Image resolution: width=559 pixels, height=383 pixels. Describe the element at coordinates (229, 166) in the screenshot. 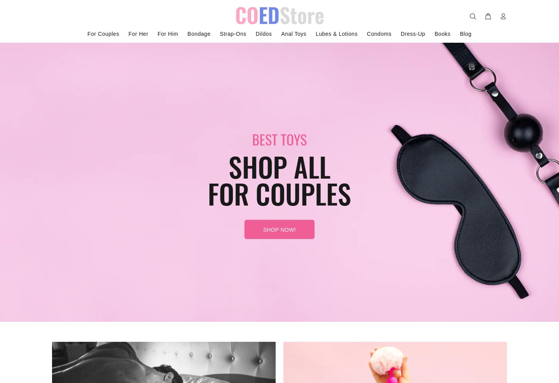

I see `'SHOP ALL'` at that location.